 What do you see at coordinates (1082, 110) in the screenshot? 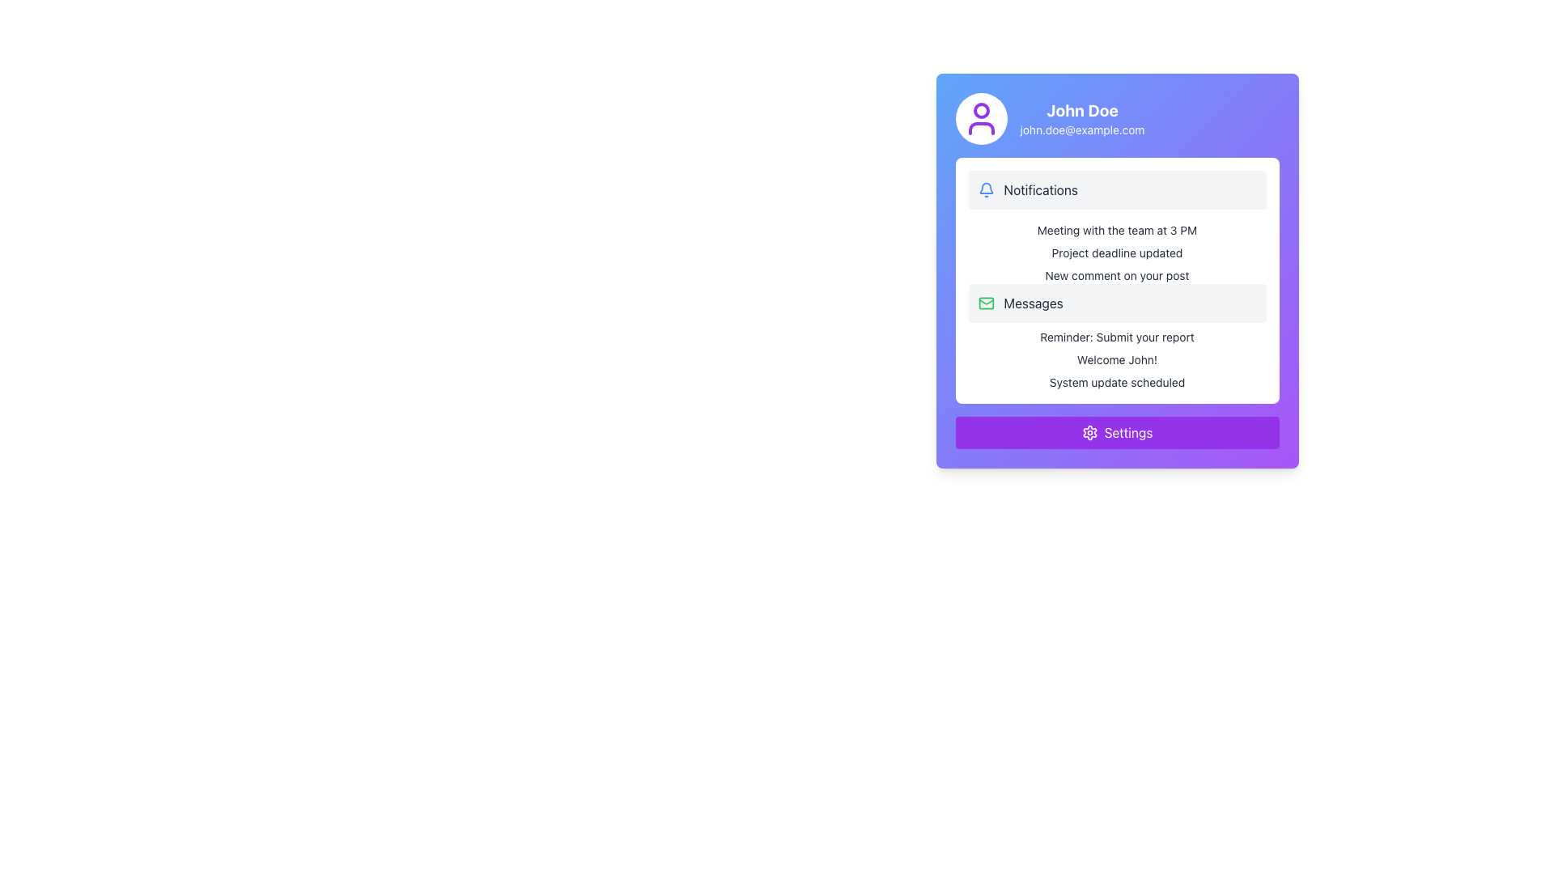
I see `the static text element displaying 'John Doe', which is prominently styled in white on a gradient blue to purple background, located near the top of a card-like component` at bounding box center [1082, 110].